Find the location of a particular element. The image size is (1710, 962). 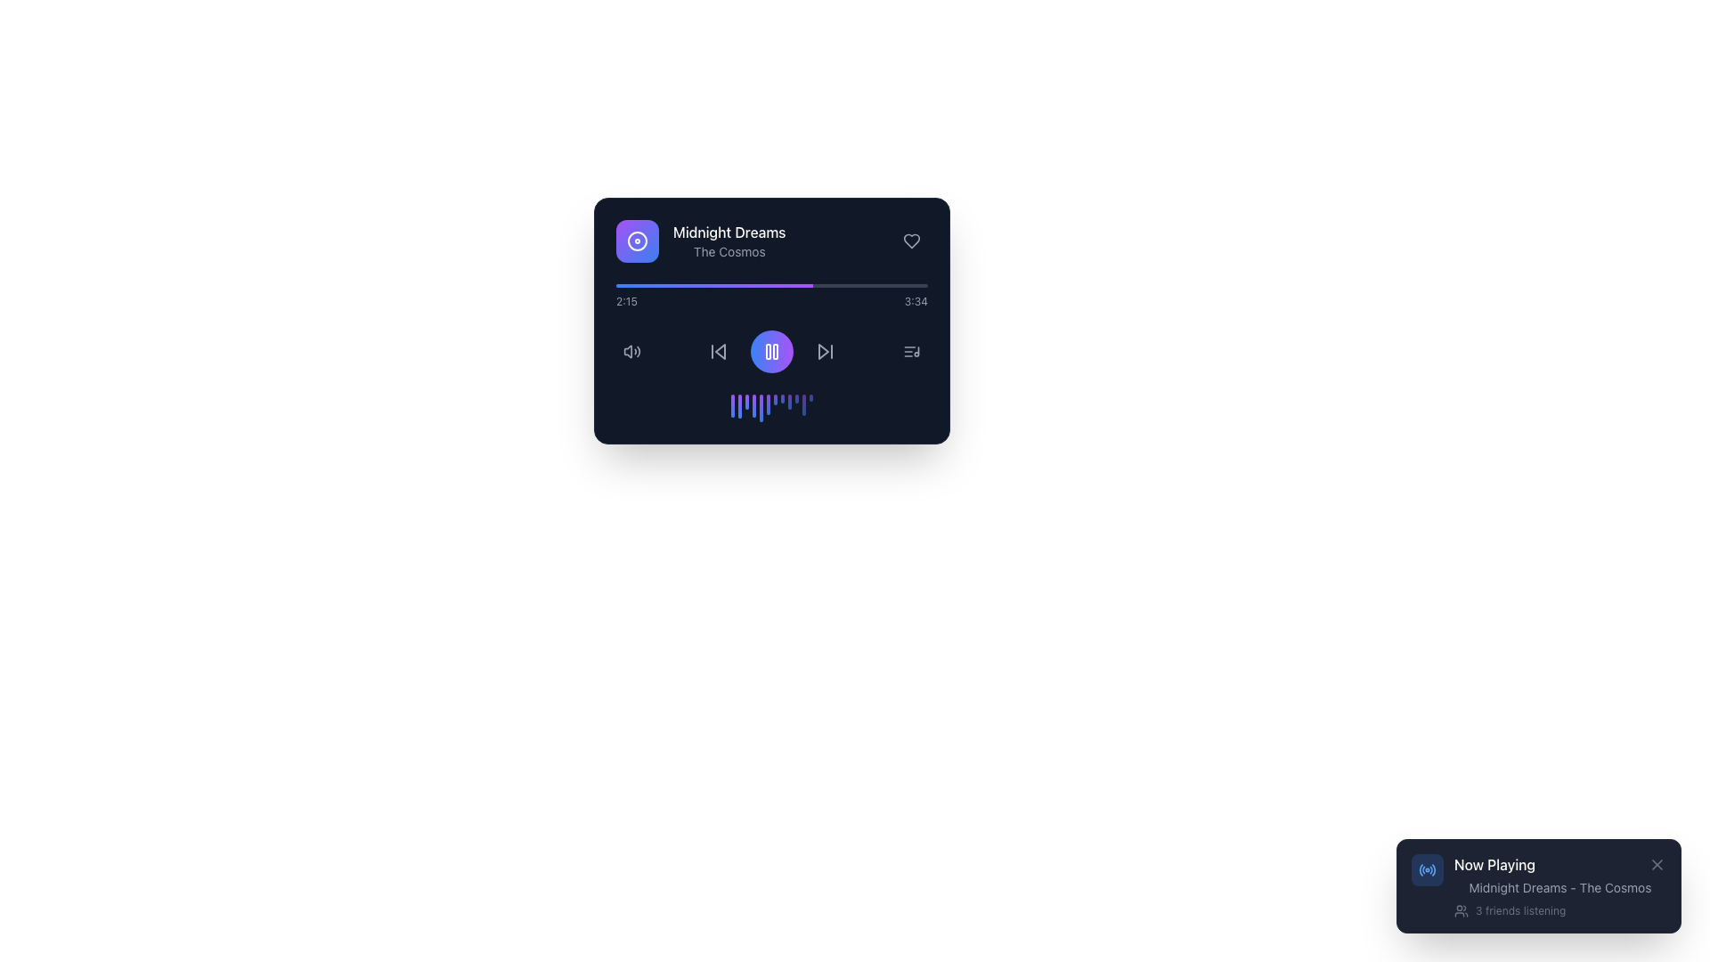

playback progress is located at coordinates (674, 284).